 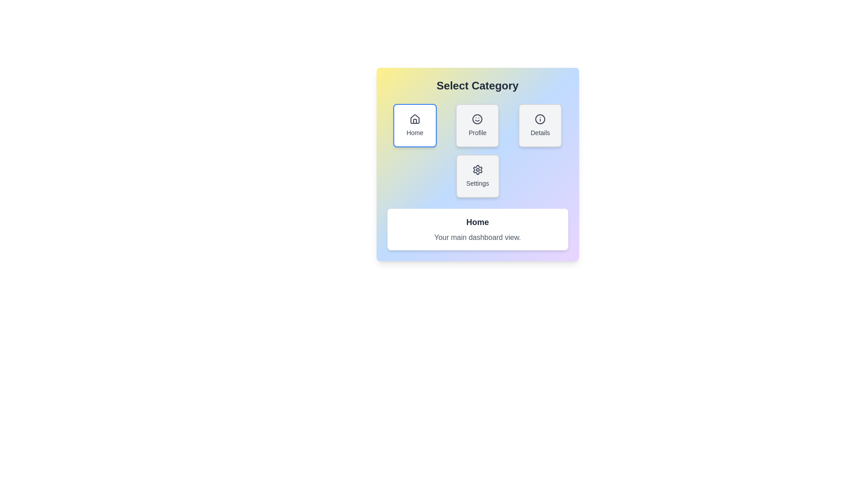 What do you see at coordinates (477, 183) in the screenshot?
I see `the 'Settings' label located in the bottom row of the grid under 'Select Category', which identifies its purpose within the interface` at bounding box center [477, 183].